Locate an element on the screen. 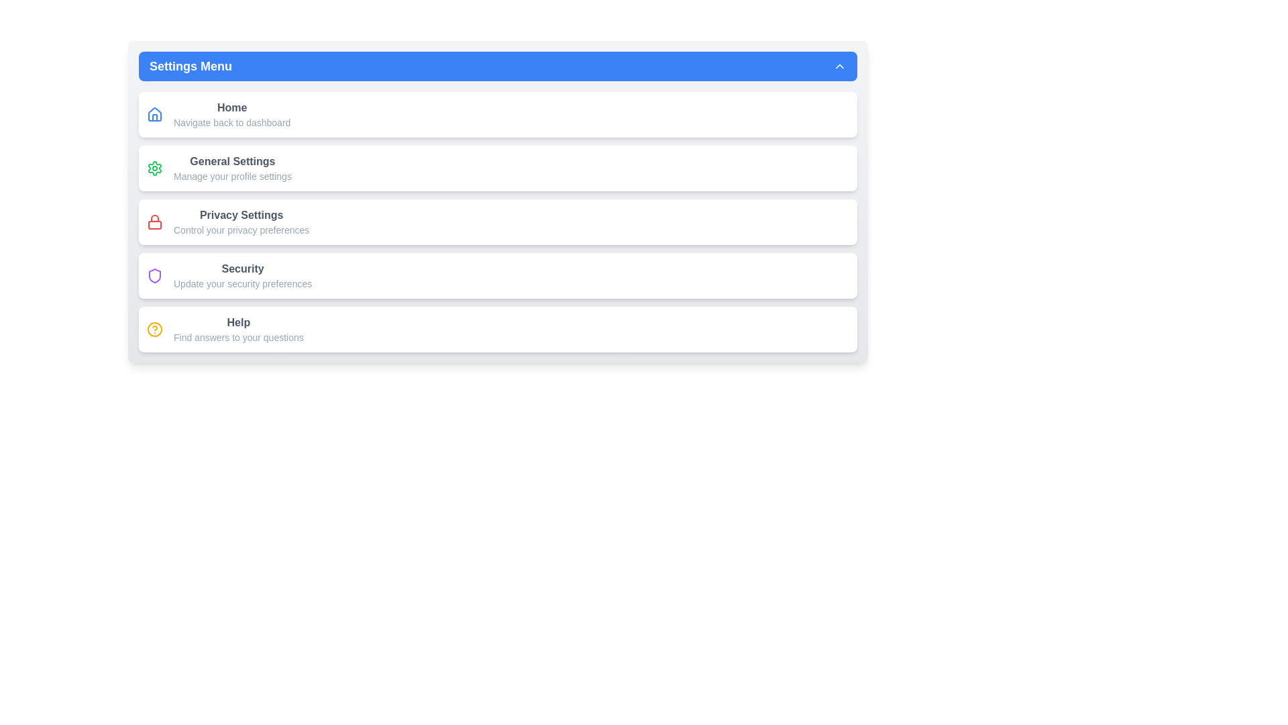 This screenshot has height=725, width=1288. the fourth menu entry in the 'Settings Menu' labeled 'Security Settings' is located at coordinates (497, 275).